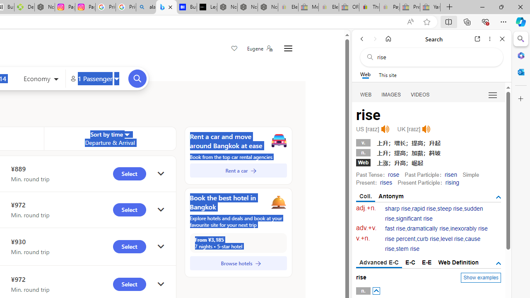 The image size is (530, 298). Describe the element at coordinates (389, 7) in the screenshot. I see `'Payments Terms of Use | eBay.com - Sleeping'` at that location.